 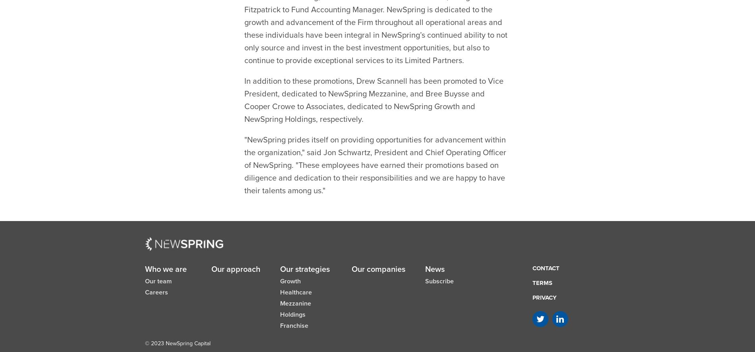 I want to click on 'Who we are', so click(x=165, y=249).